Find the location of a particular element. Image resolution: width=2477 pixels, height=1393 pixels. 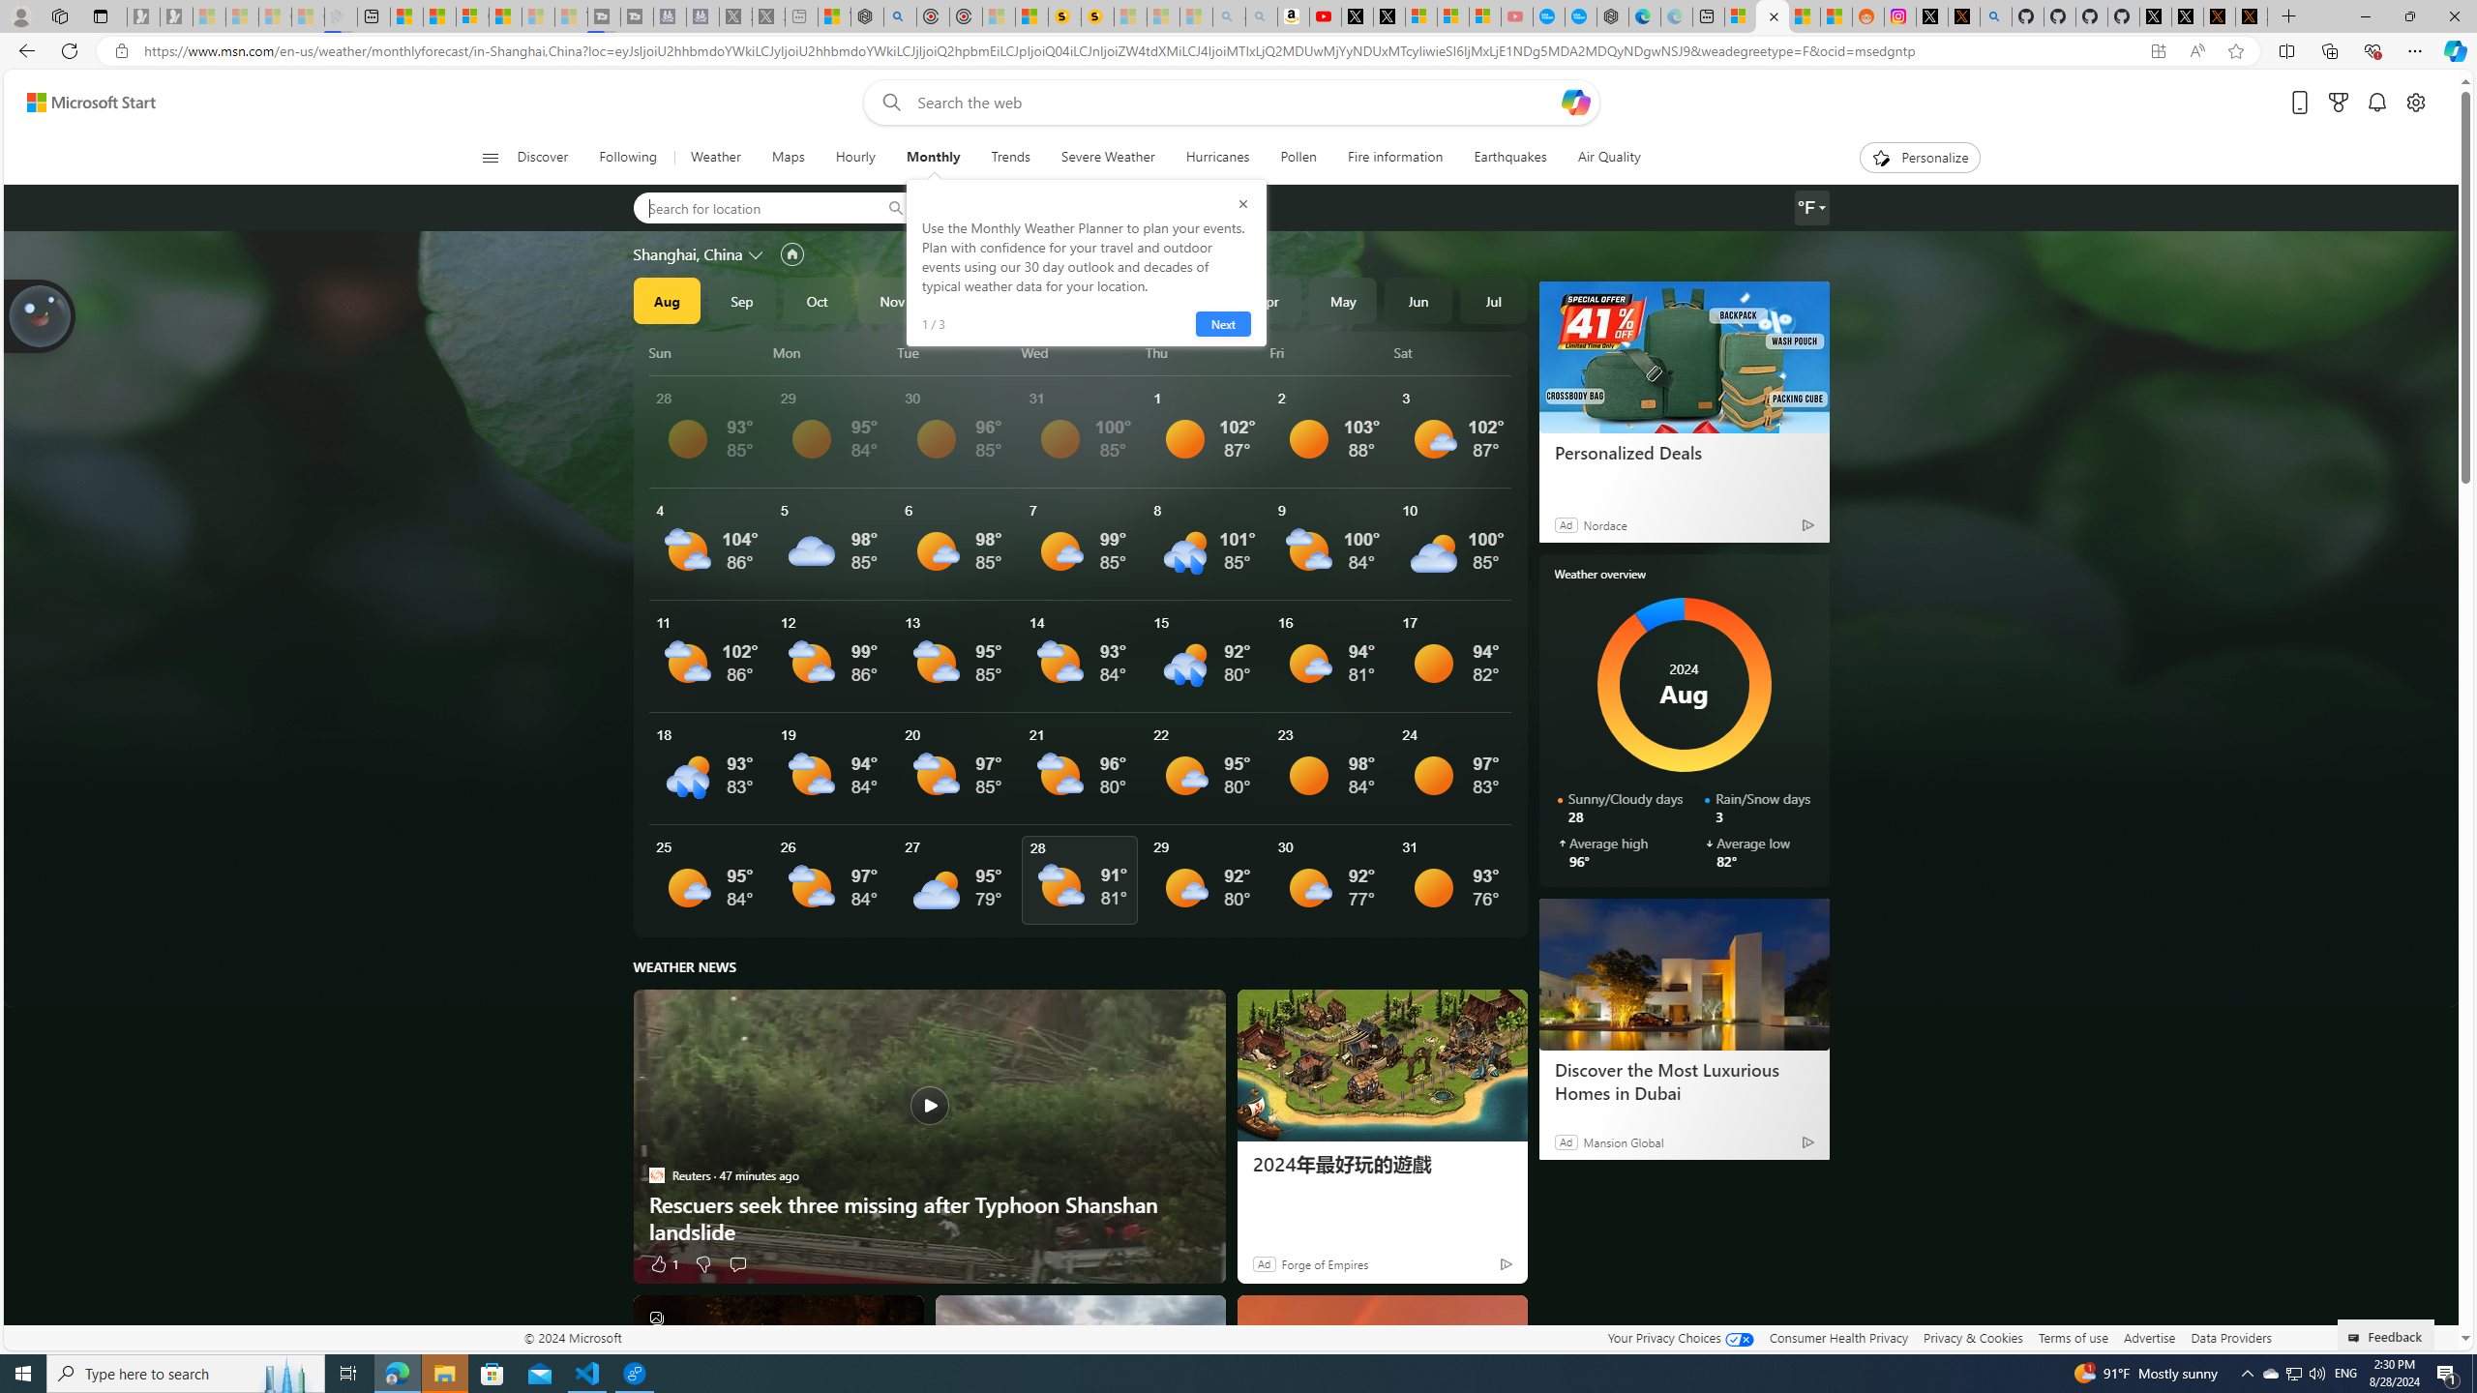

'Advertise' is located at coordinates (2149, 1337).